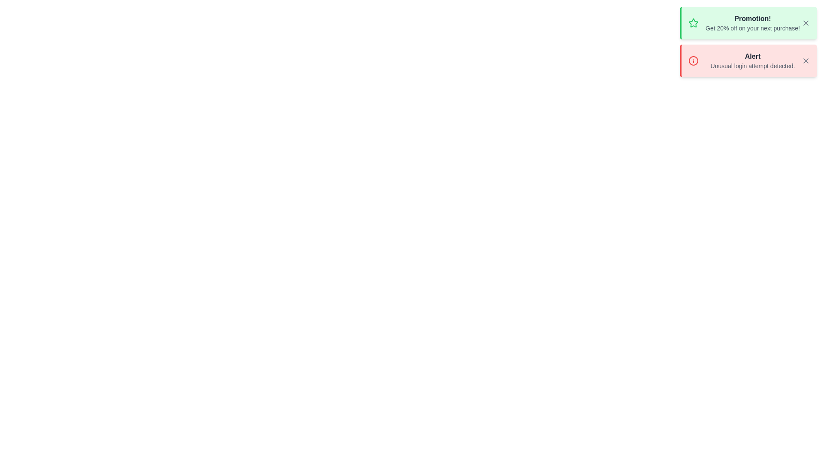  Describe the element at coordinates (805, 60) in the screenshot. I see `the close icon represented by a diagonal line forming part of a cross (X) shape located in the top right corner of a red alert box` at that location.